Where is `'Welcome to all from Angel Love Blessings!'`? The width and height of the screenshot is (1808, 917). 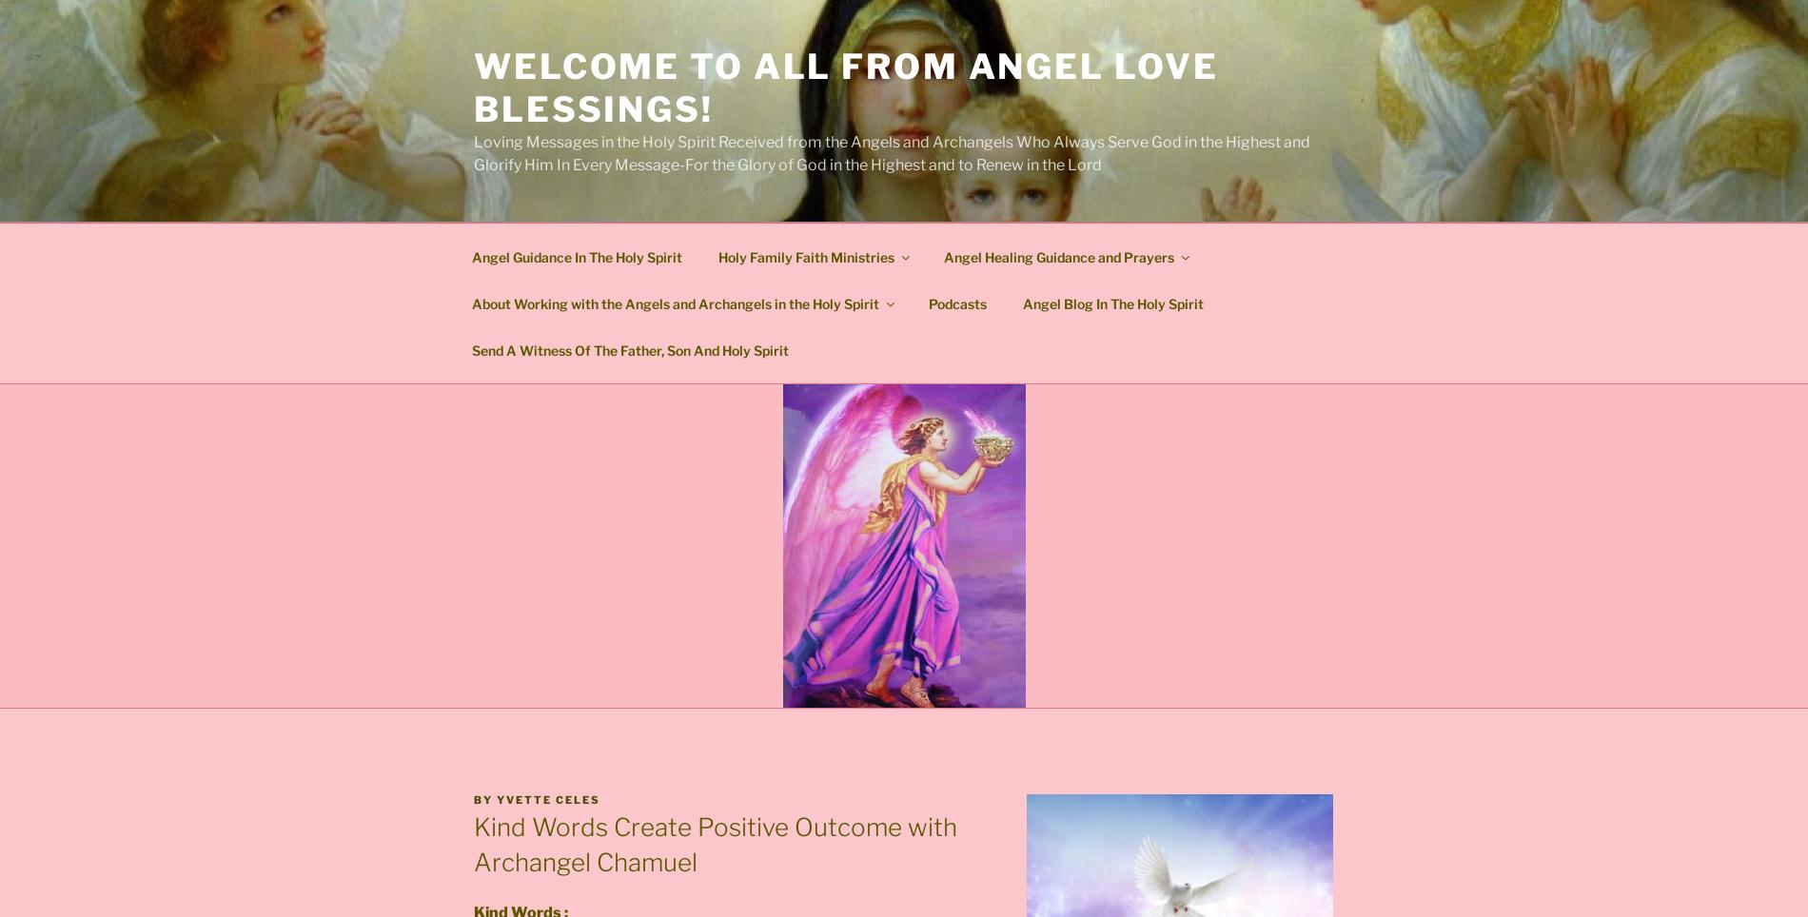
'Welcome to all from Angel Love Blessings!' is located at coordinates (845, 87).